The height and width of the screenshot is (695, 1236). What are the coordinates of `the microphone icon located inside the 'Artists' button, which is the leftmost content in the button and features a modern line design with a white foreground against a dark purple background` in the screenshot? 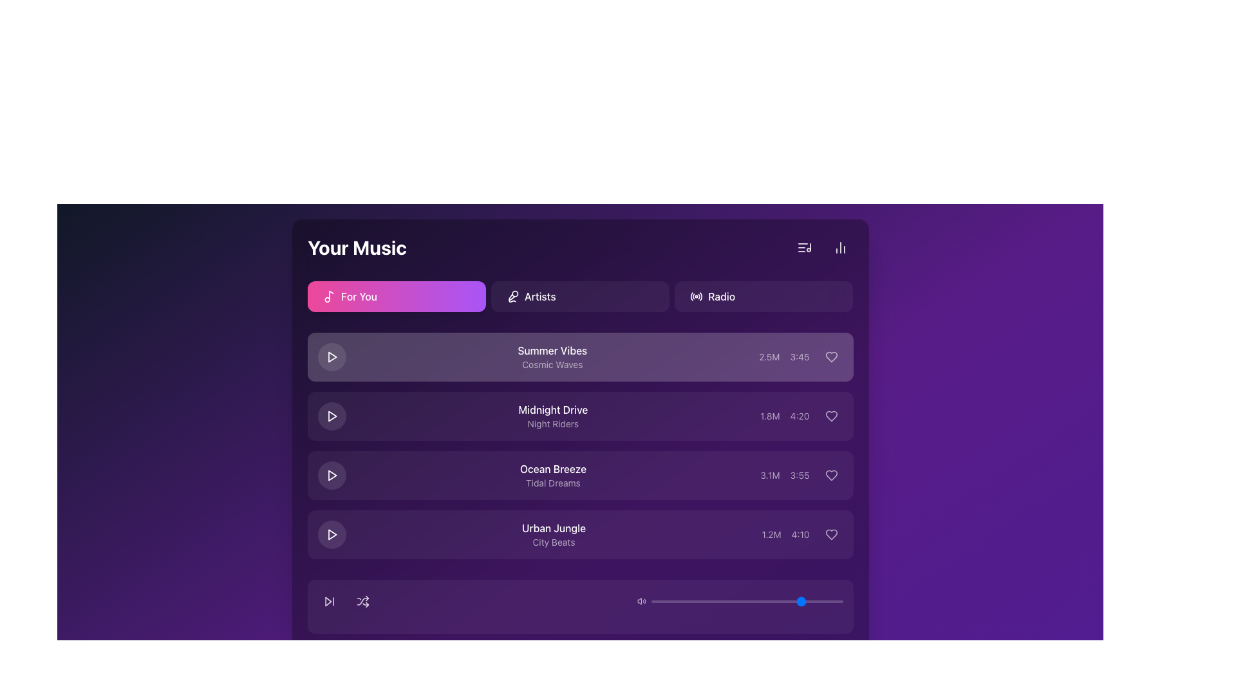 It's located at (512, 297).